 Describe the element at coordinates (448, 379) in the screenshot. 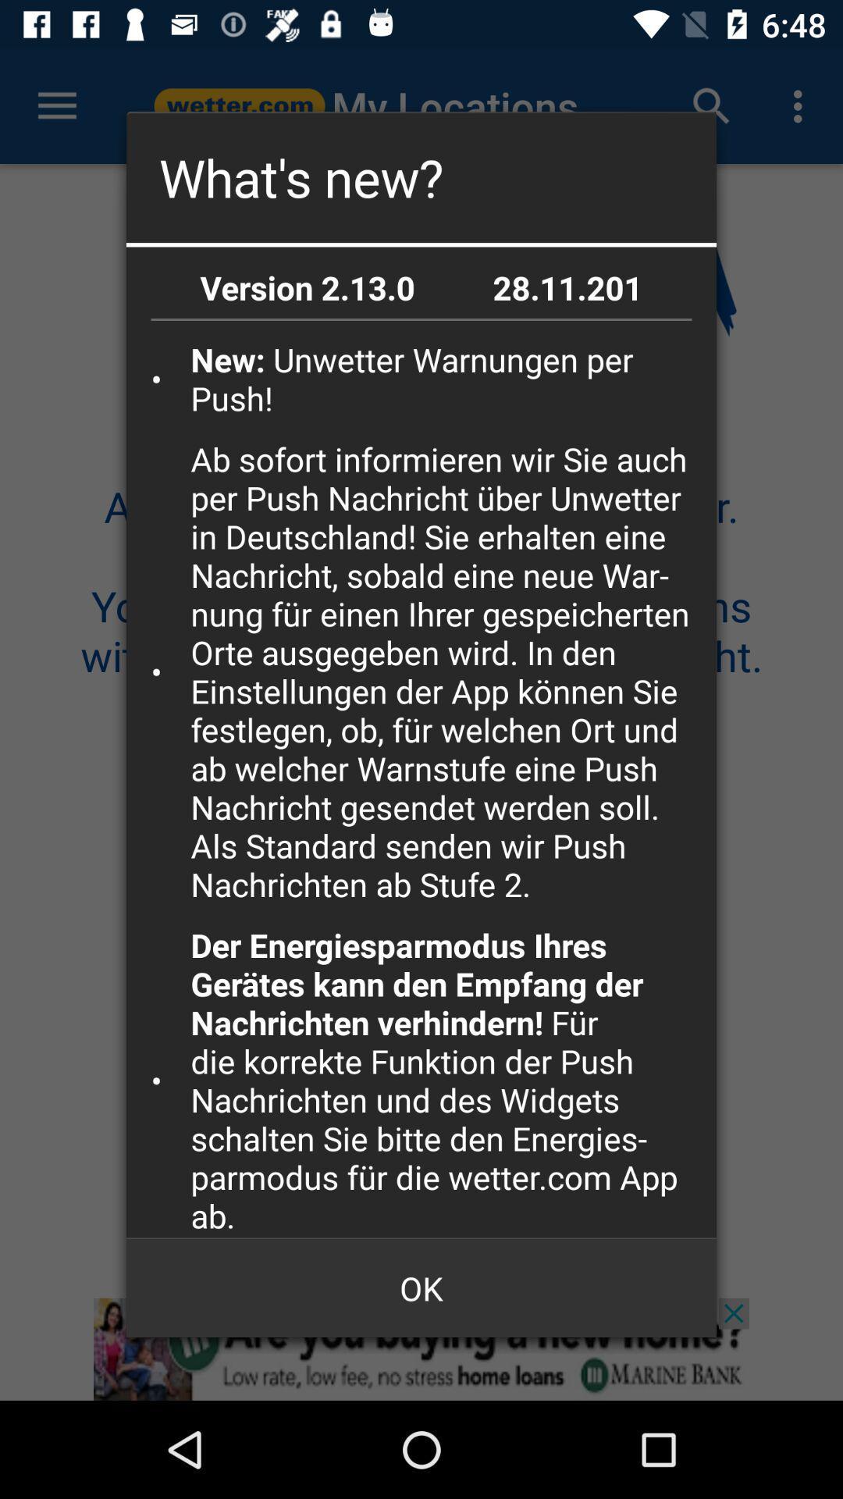

I see `new unwetter warnungen` at that location.